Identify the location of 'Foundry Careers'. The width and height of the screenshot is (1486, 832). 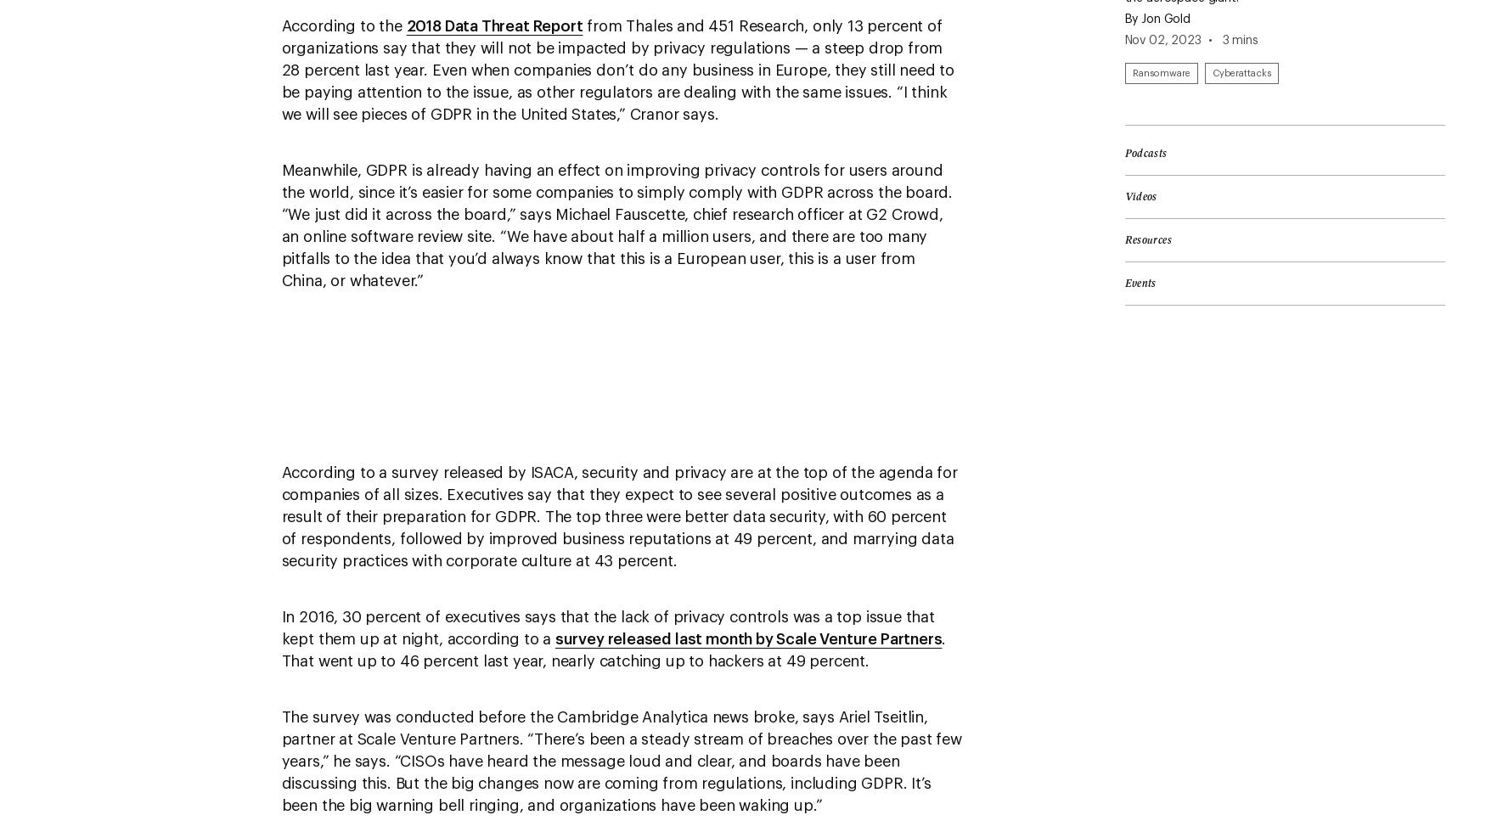
(85, 8).